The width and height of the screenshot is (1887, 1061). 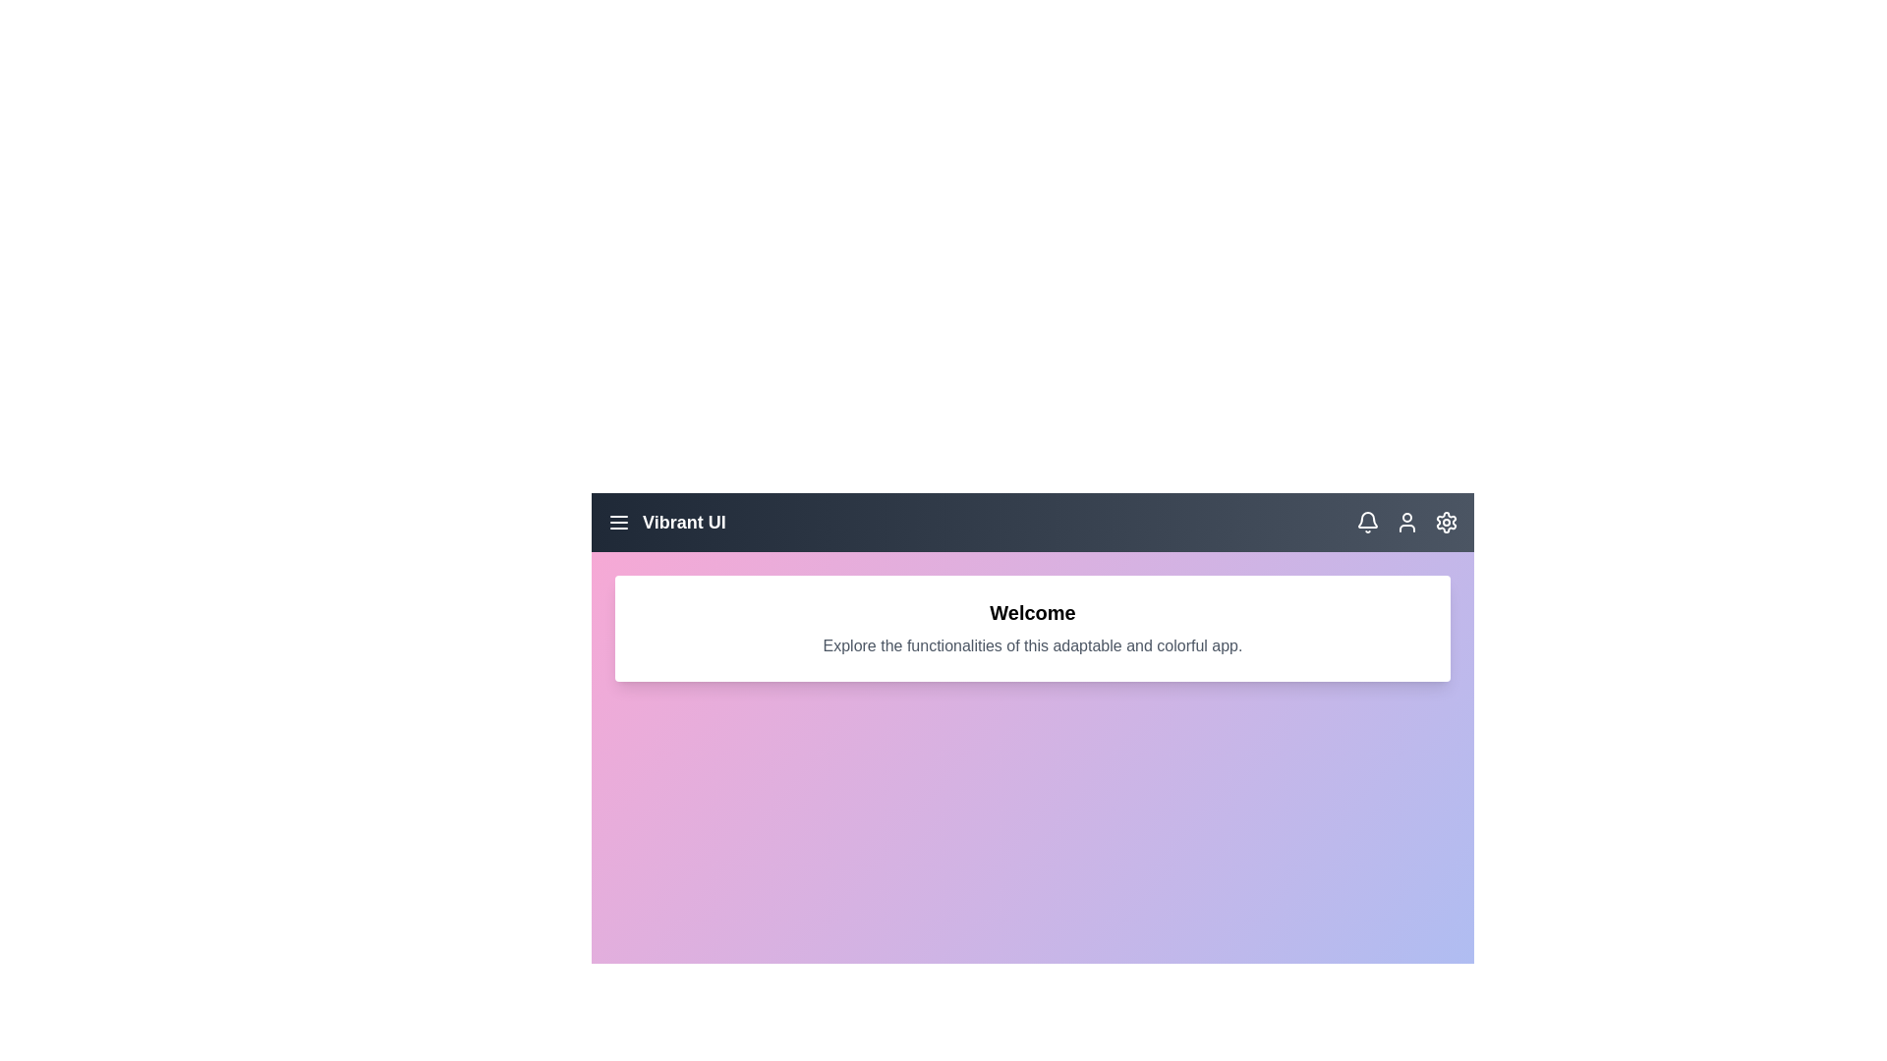 I want to click on the notification bell icon to trigger its functionality, so click(x=1367, y=522).